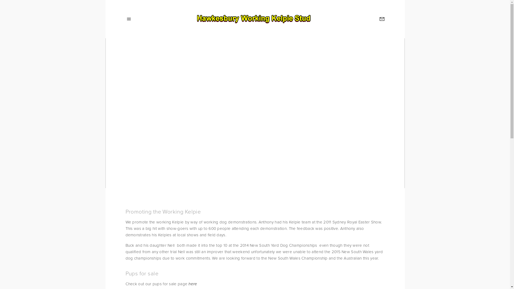 Image resolution: width=514 pixels, height=289 pixels. Describe the element at coordinates (193, 283) in the screenshot. I see `'here'` at that location.